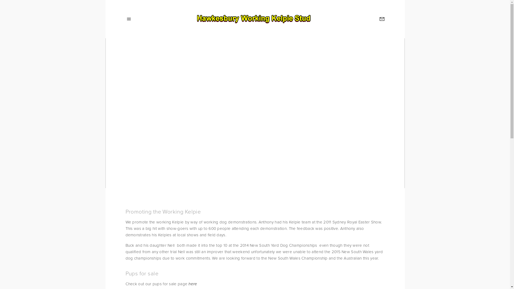 Image resolution: width=514 pixels, height=289 pixels. Describe the element at coordinates (193, 283) in the screenshot. I see `'here'` at that location.